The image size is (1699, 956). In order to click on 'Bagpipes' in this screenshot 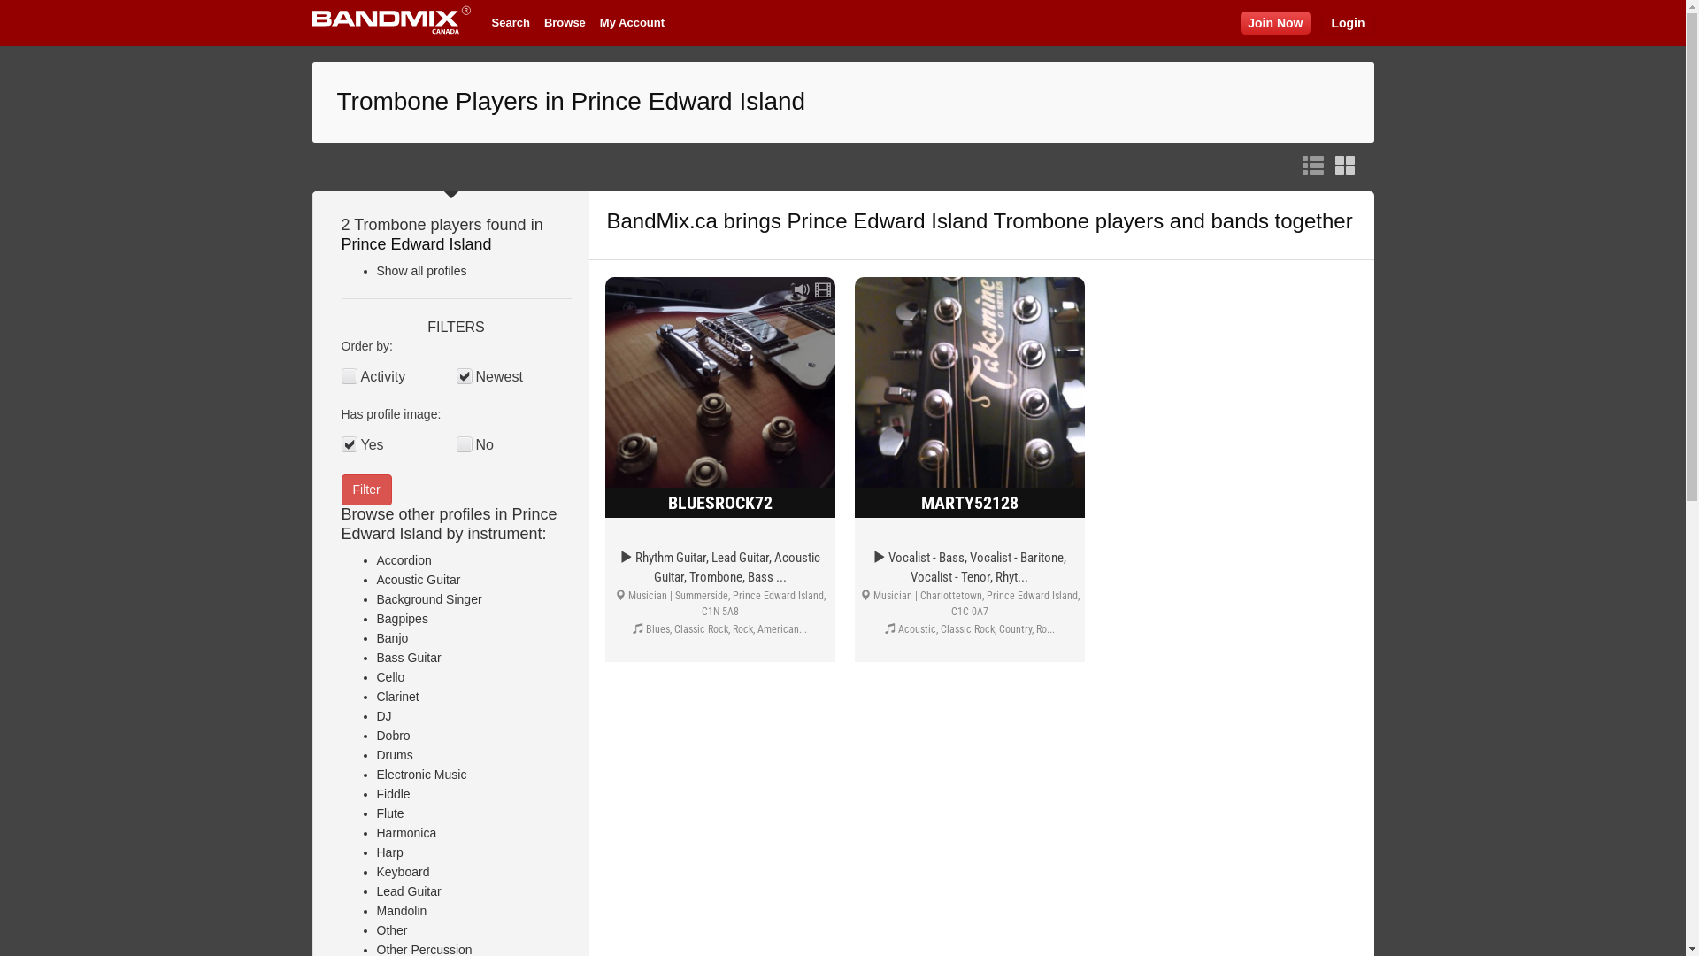, I will do `click(402, 617)`.